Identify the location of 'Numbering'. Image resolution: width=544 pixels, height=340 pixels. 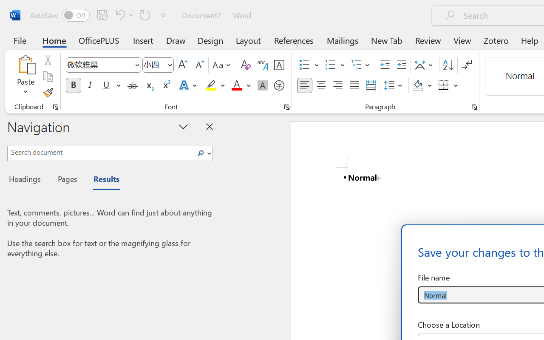
(330, 65).